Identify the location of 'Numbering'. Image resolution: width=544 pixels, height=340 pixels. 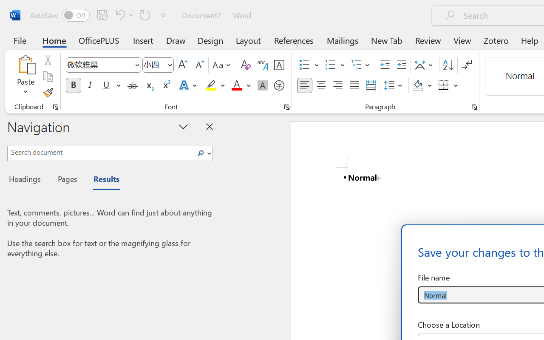
(330, 65).